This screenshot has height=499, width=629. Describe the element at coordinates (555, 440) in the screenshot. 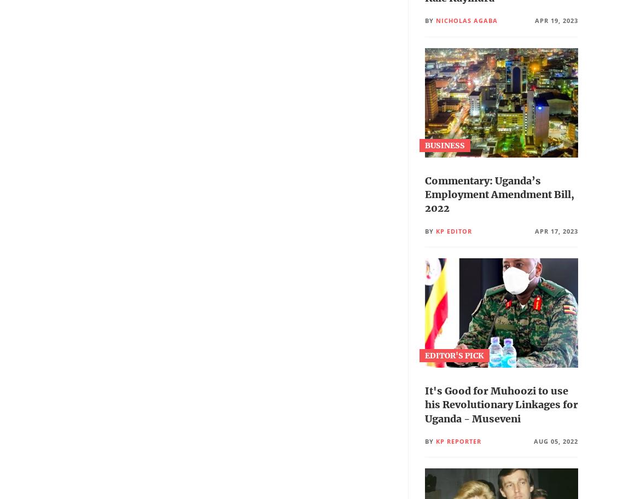

I see `'Aug 05, 2022'` at that location.